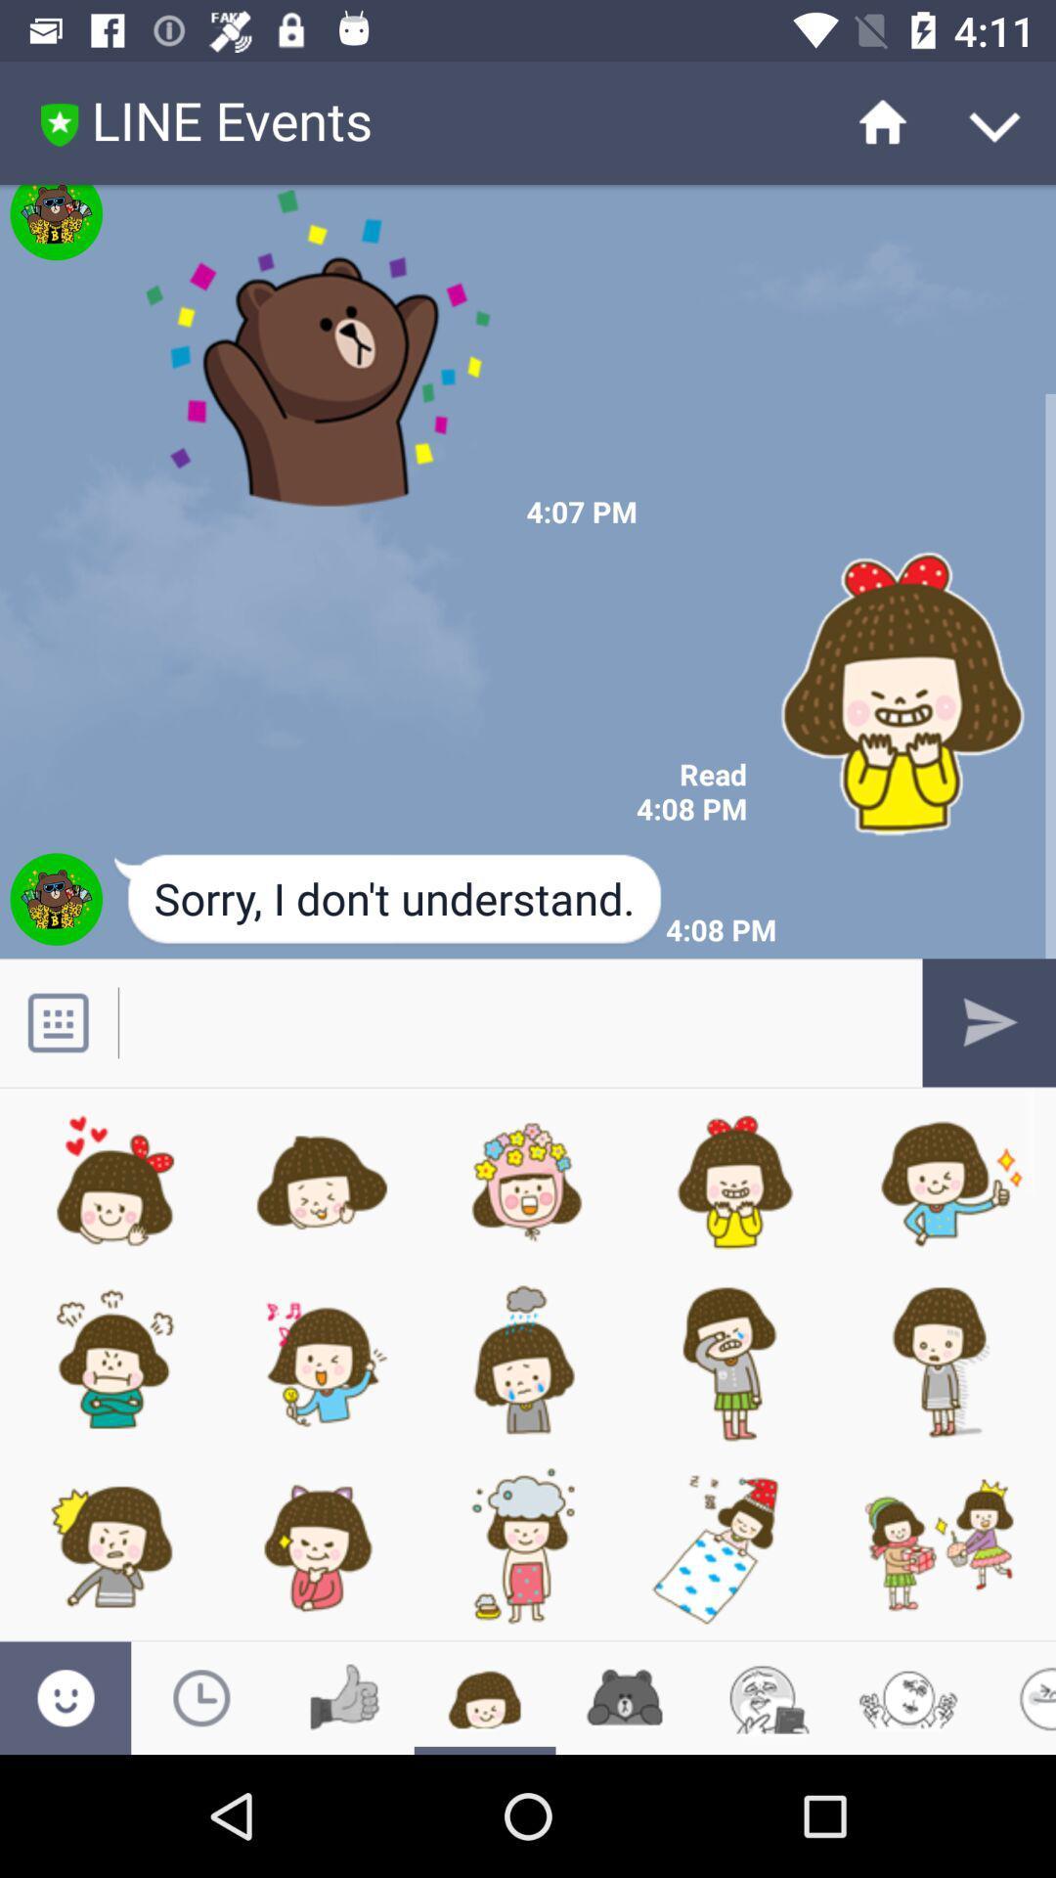  Describe the element at coordinates (389, 900) in the screenshot. I see `sorry i don` at that location.